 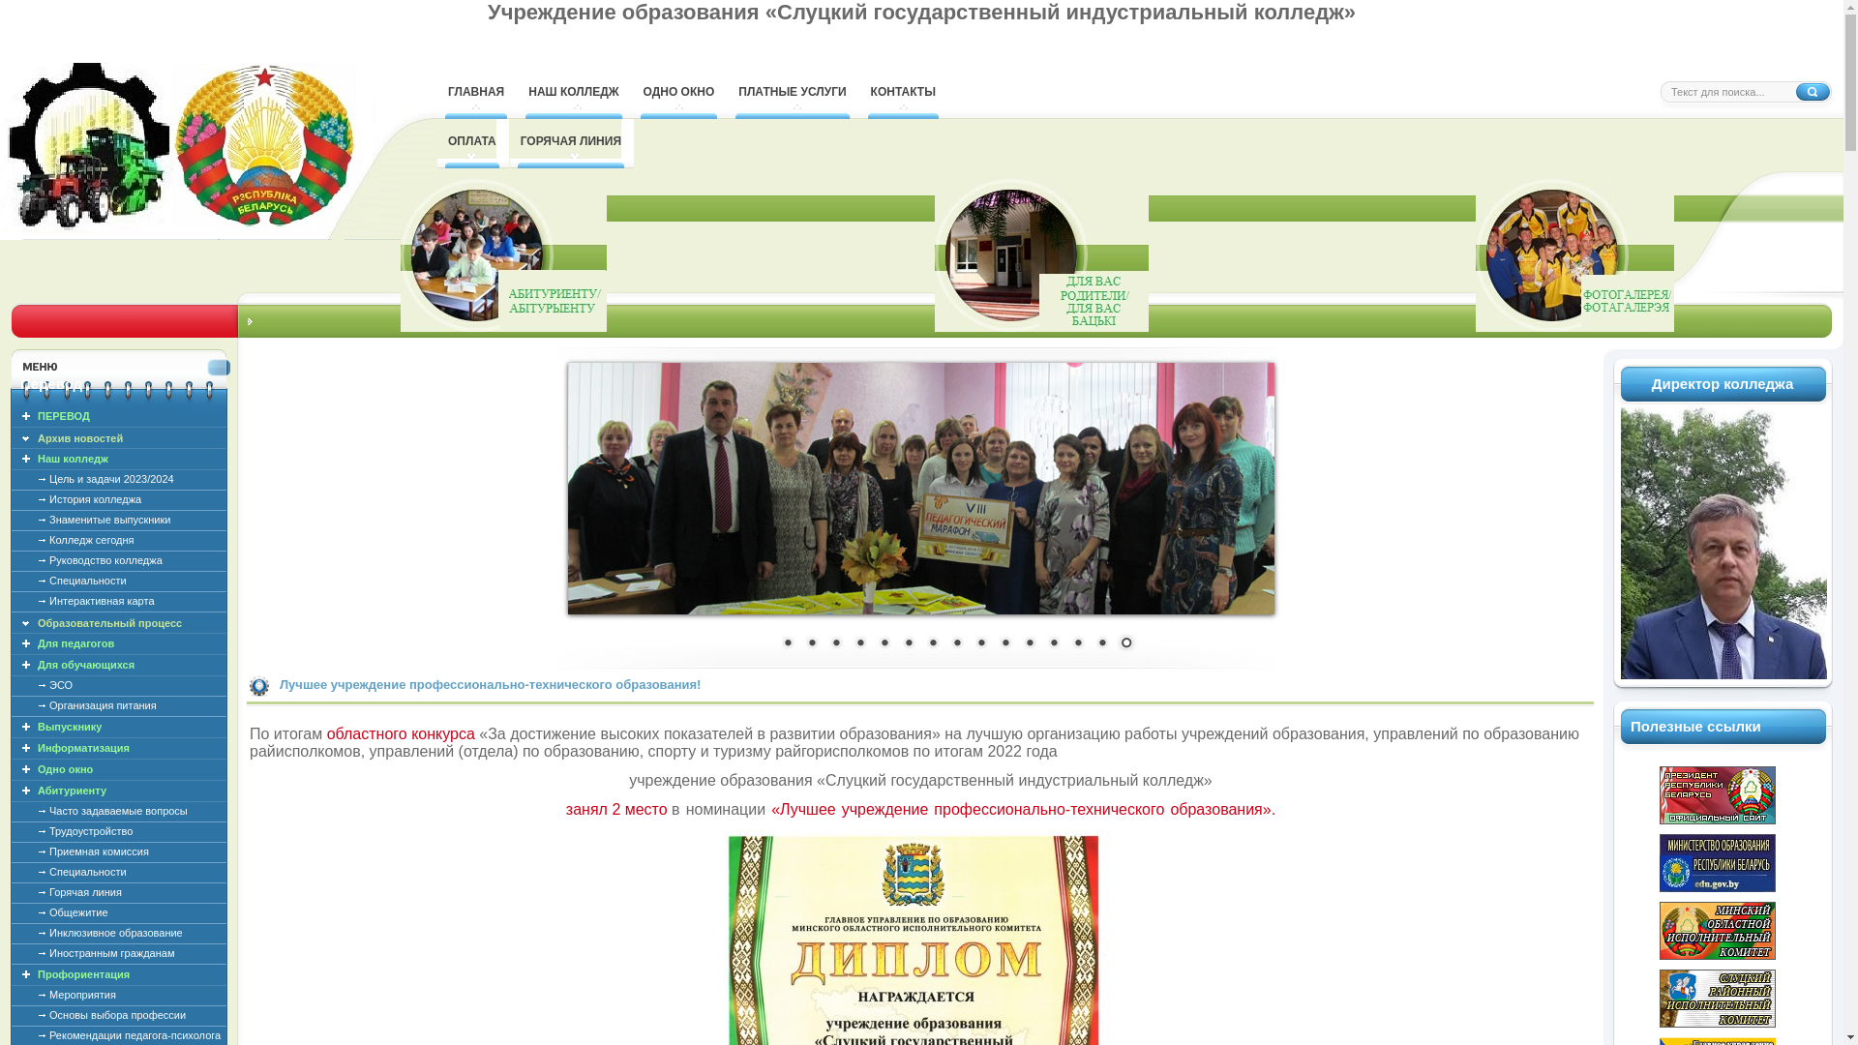 I want to click on '5', so click(x=882, y=644).